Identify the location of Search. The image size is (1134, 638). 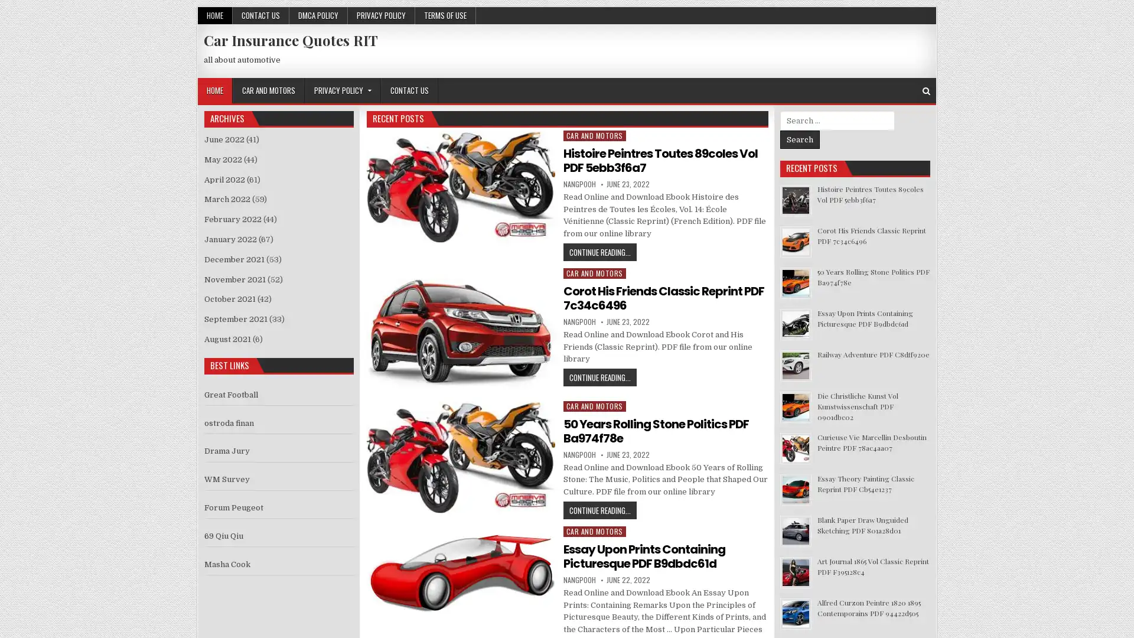
(800, 139).